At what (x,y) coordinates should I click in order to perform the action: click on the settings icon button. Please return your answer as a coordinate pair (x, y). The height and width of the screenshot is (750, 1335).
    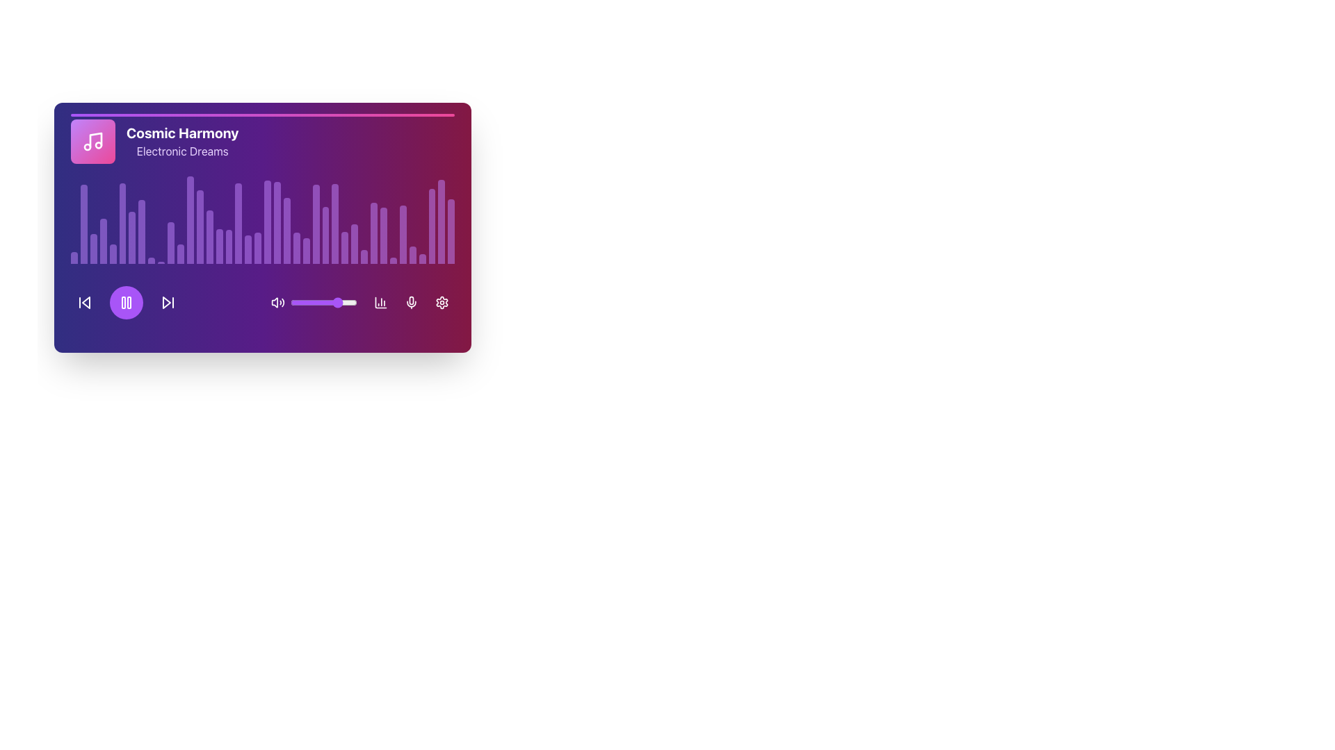
    Looking at the image, I should click on (441, 301).